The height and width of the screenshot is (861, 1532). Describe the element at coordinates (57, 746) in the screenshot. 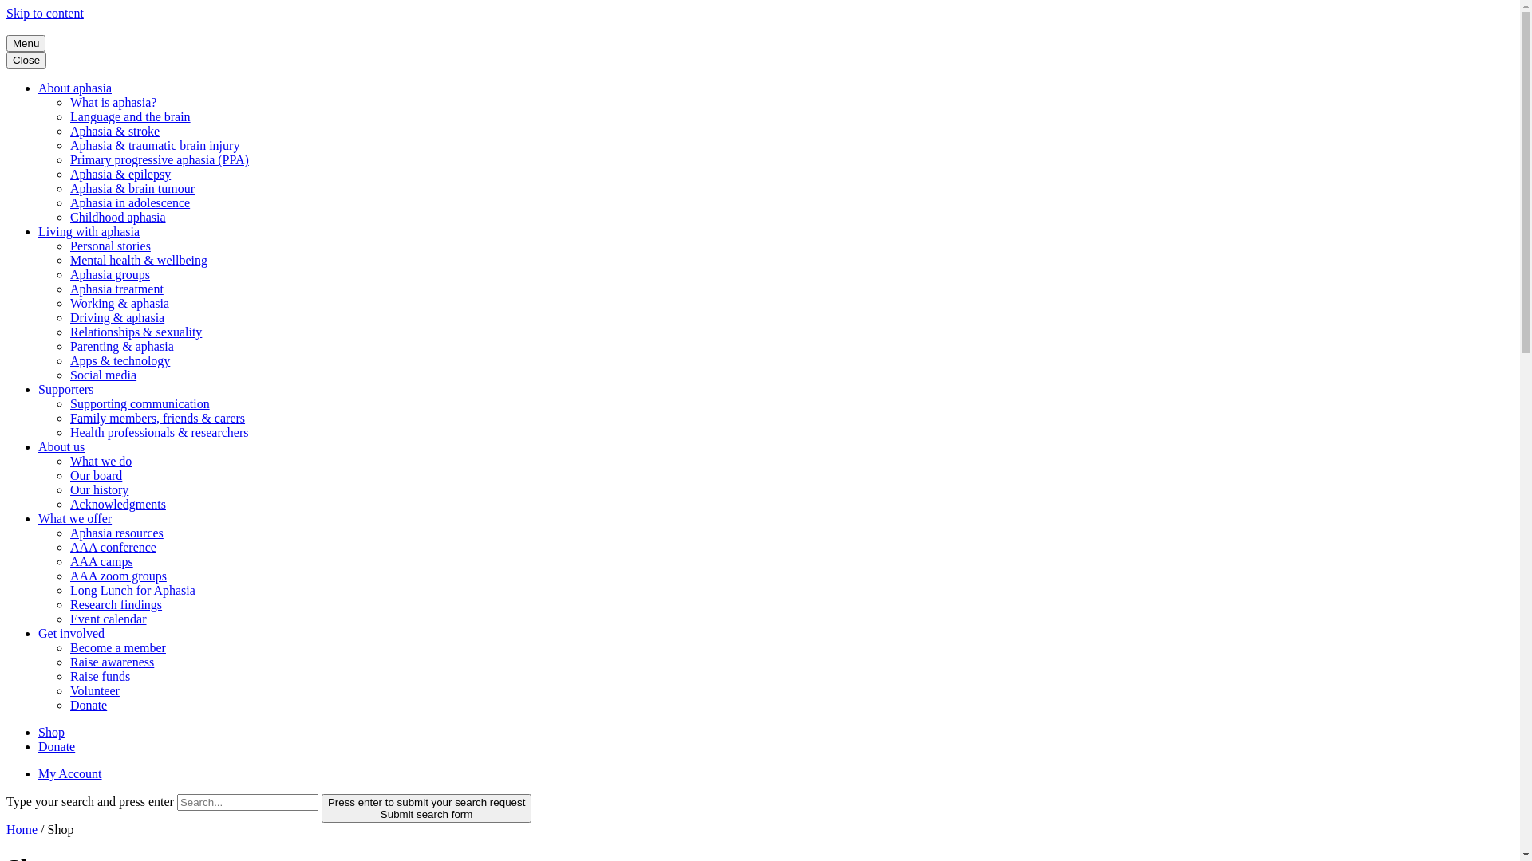

I see `'Donate'` at that location.